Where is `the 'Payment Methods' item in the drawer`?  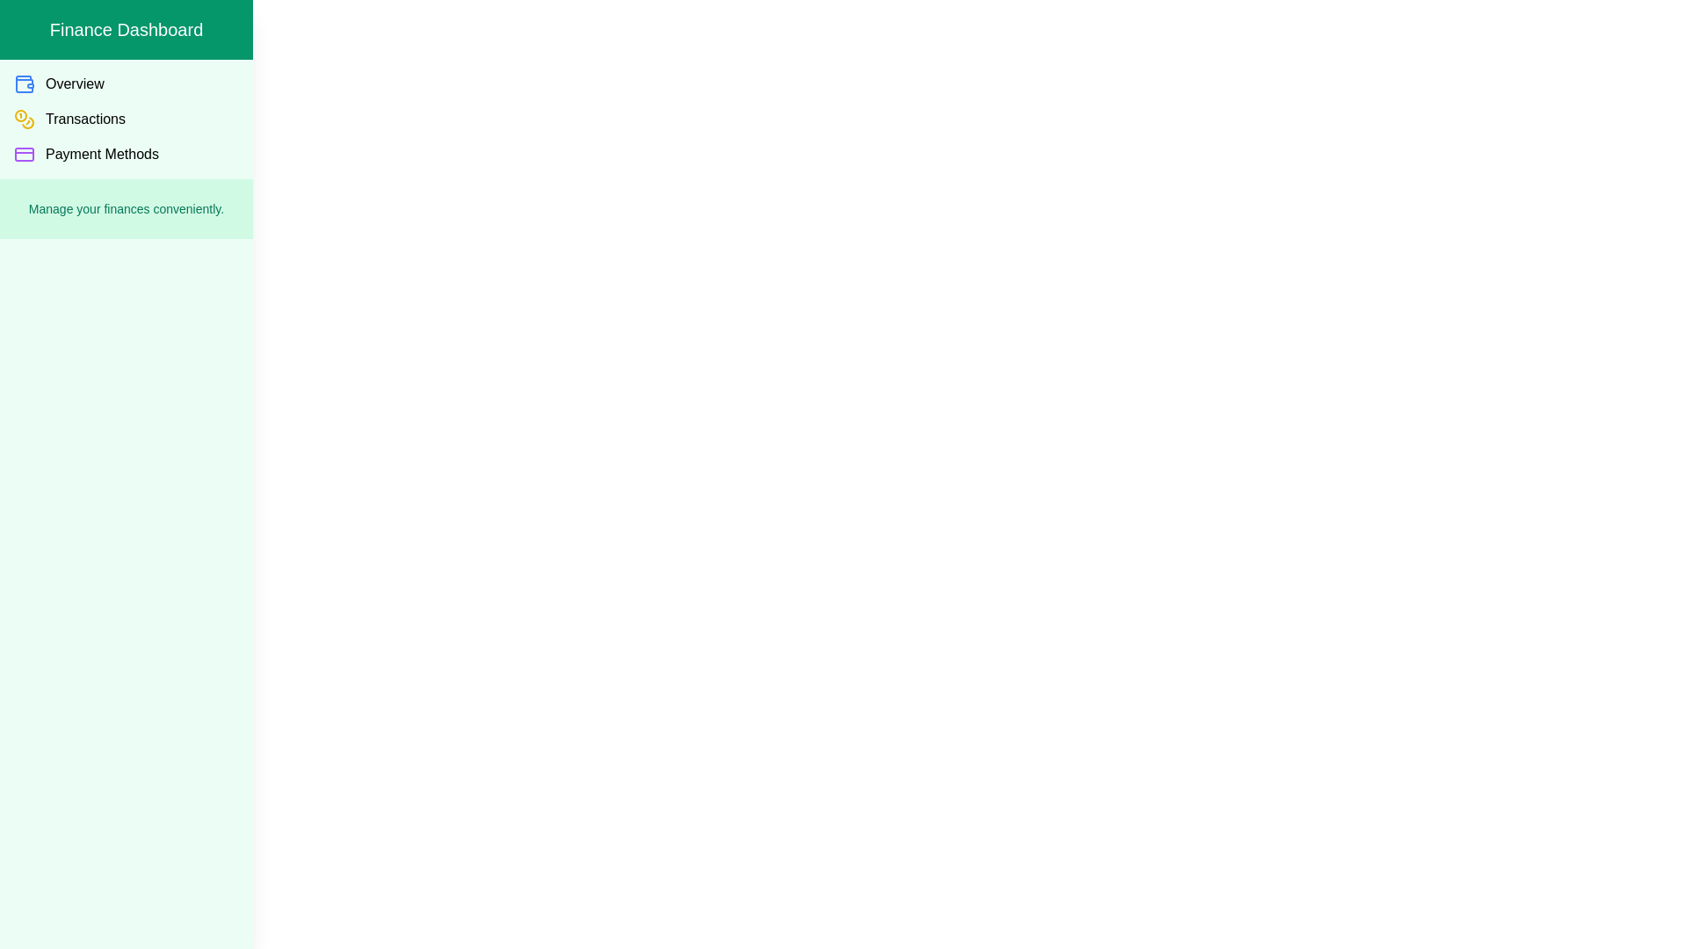
the 'Payment Methods' item in the drawer is located at coordinates (126, 154).